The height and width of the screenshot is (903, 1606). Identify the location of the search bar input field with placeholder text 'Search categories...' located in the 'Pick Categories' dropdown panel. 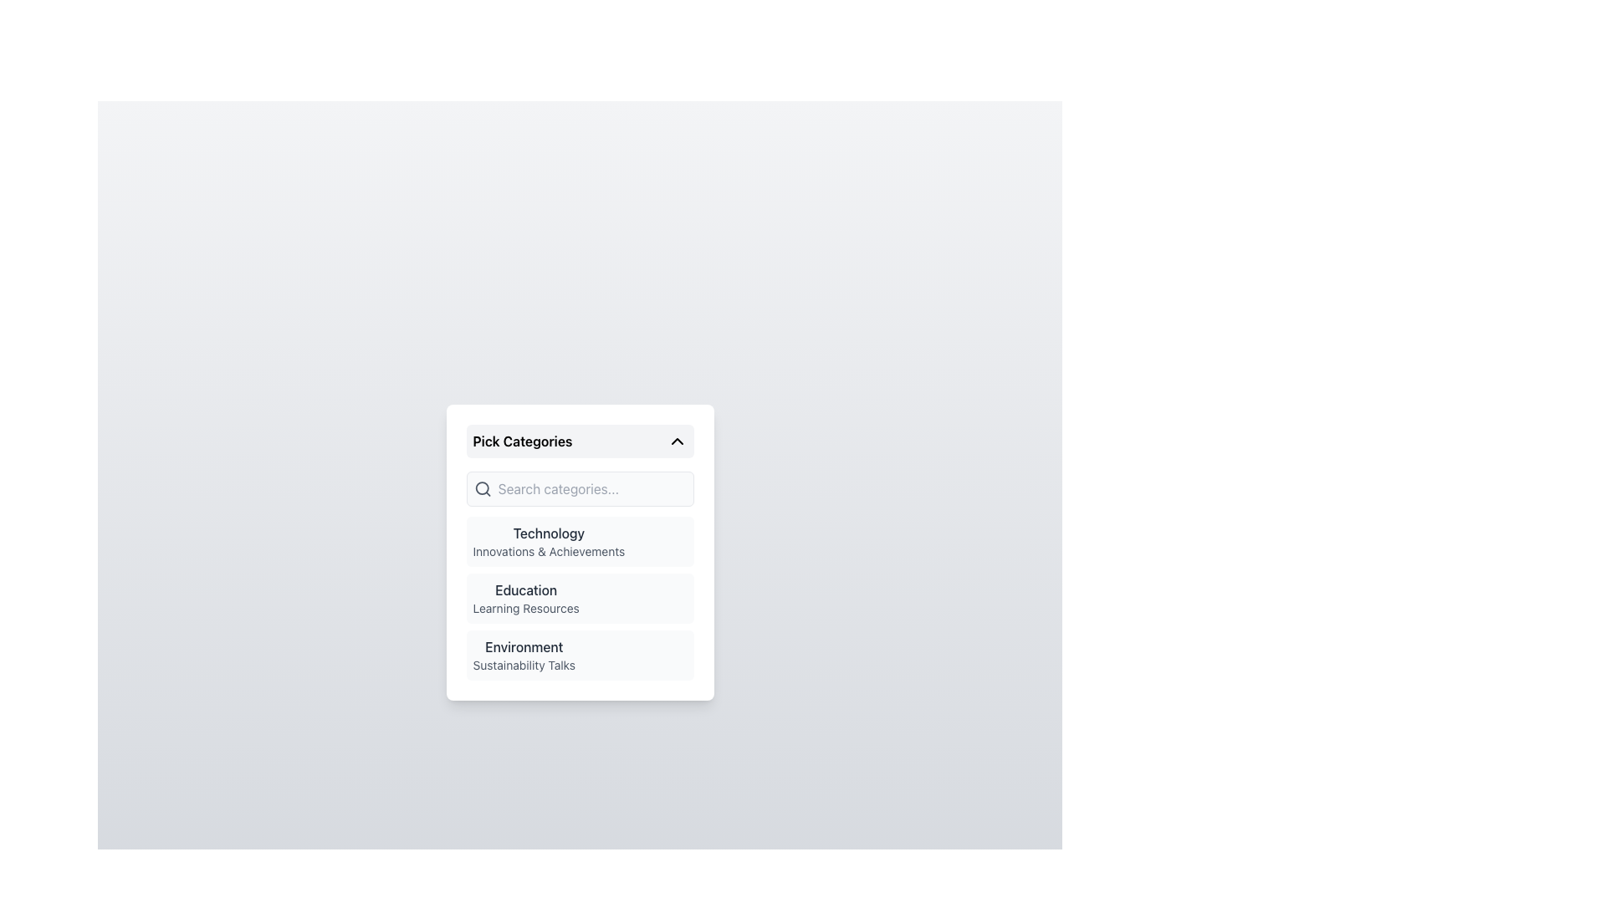
(580, 489).